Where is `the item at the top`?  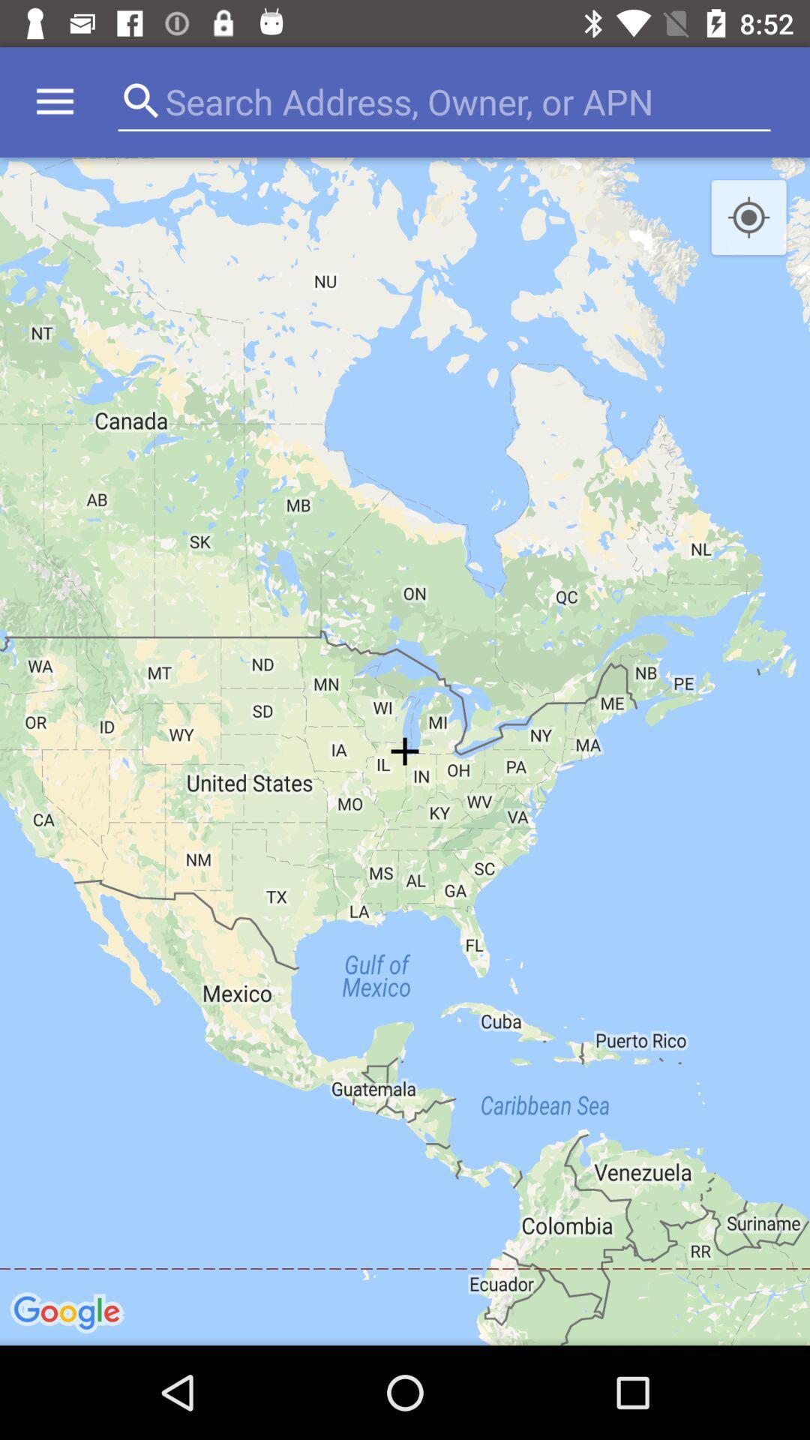 the item at the top is located at coordinates (439, 101).